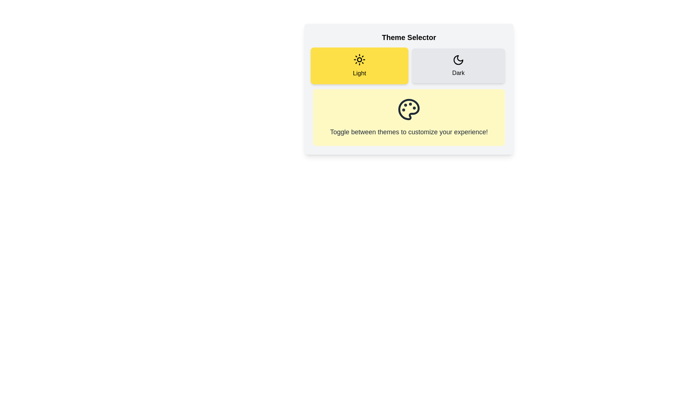 This screenshot has width=698, height=393. I want to click on the 'Light' theme icon located centrally within the left yellow selection card for theme selection, so click(359, 59).